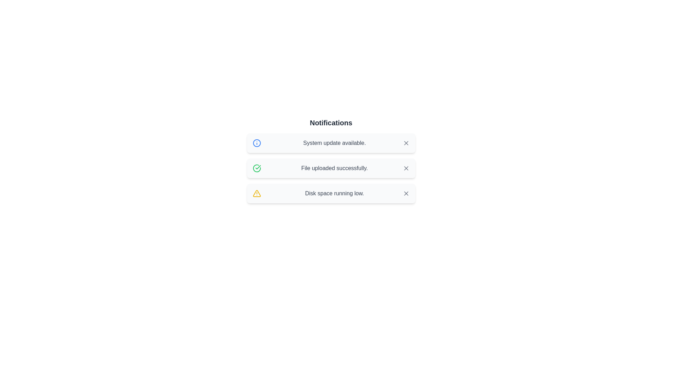  What do you see at coordinates (256, 168) in the screenshot?
I see `the circular icon with a green outline and checkmark, which visually indicates that the file has been uploaded successfully` at bounding box center [256, 168].